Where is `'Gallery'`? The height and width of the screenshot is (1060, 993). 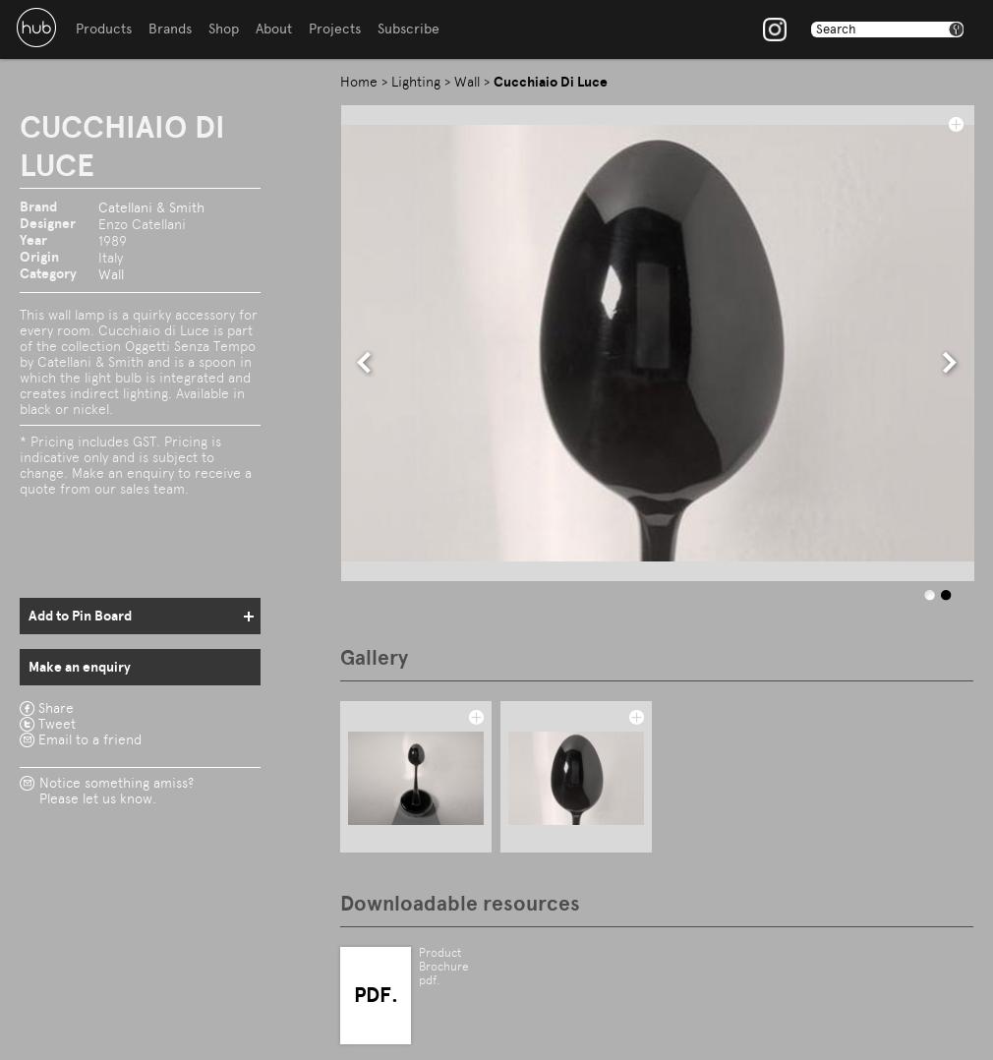
'Gallery' is located at coordinates (374, 658).